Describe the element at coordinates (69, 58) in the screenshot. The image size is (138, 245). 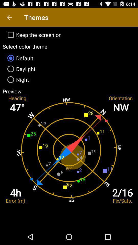
I see `icon above daylight item` at that location.